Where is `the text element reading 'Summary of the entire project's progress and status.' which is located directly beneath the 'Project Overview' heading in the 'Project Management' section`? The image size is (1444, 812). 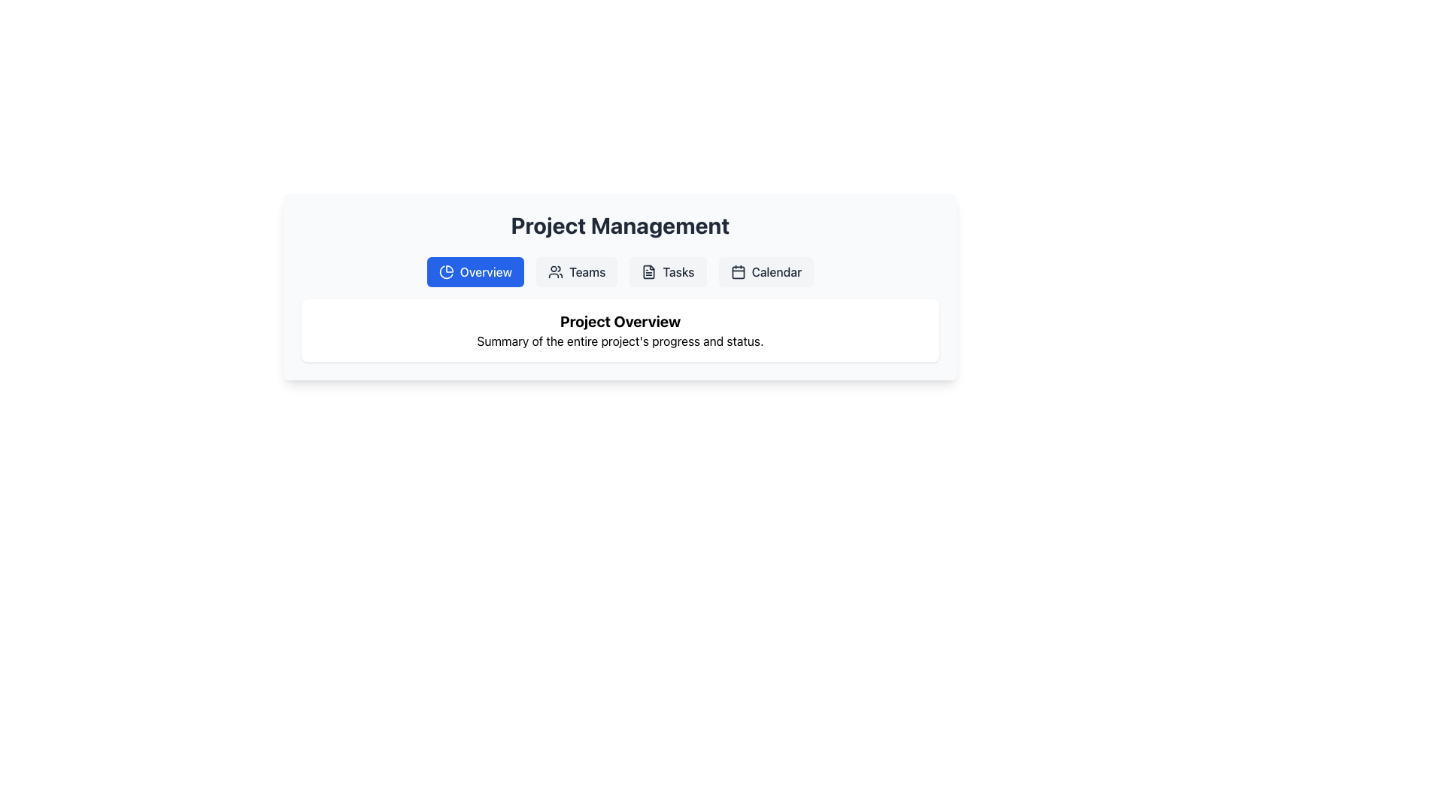
the text element reading 'Summary of the entire project's progress and status.' which is located directly beneath the 'Project Overview' heading in the 'Project Management' section is located at coordinates (620, 341).